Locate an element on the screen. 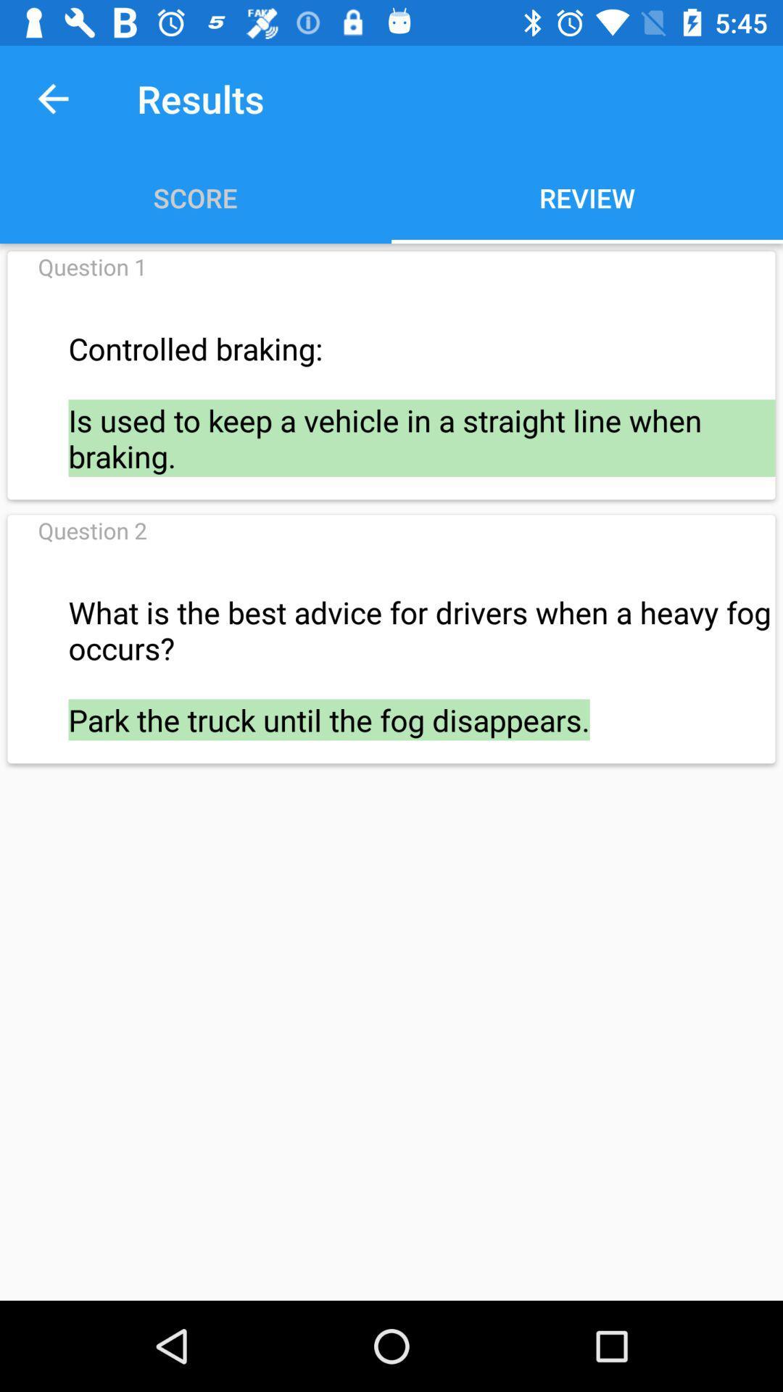 The width and height of the screenshot is (783, 1392). item above question 1 icon is located at coordinates (52, 98).